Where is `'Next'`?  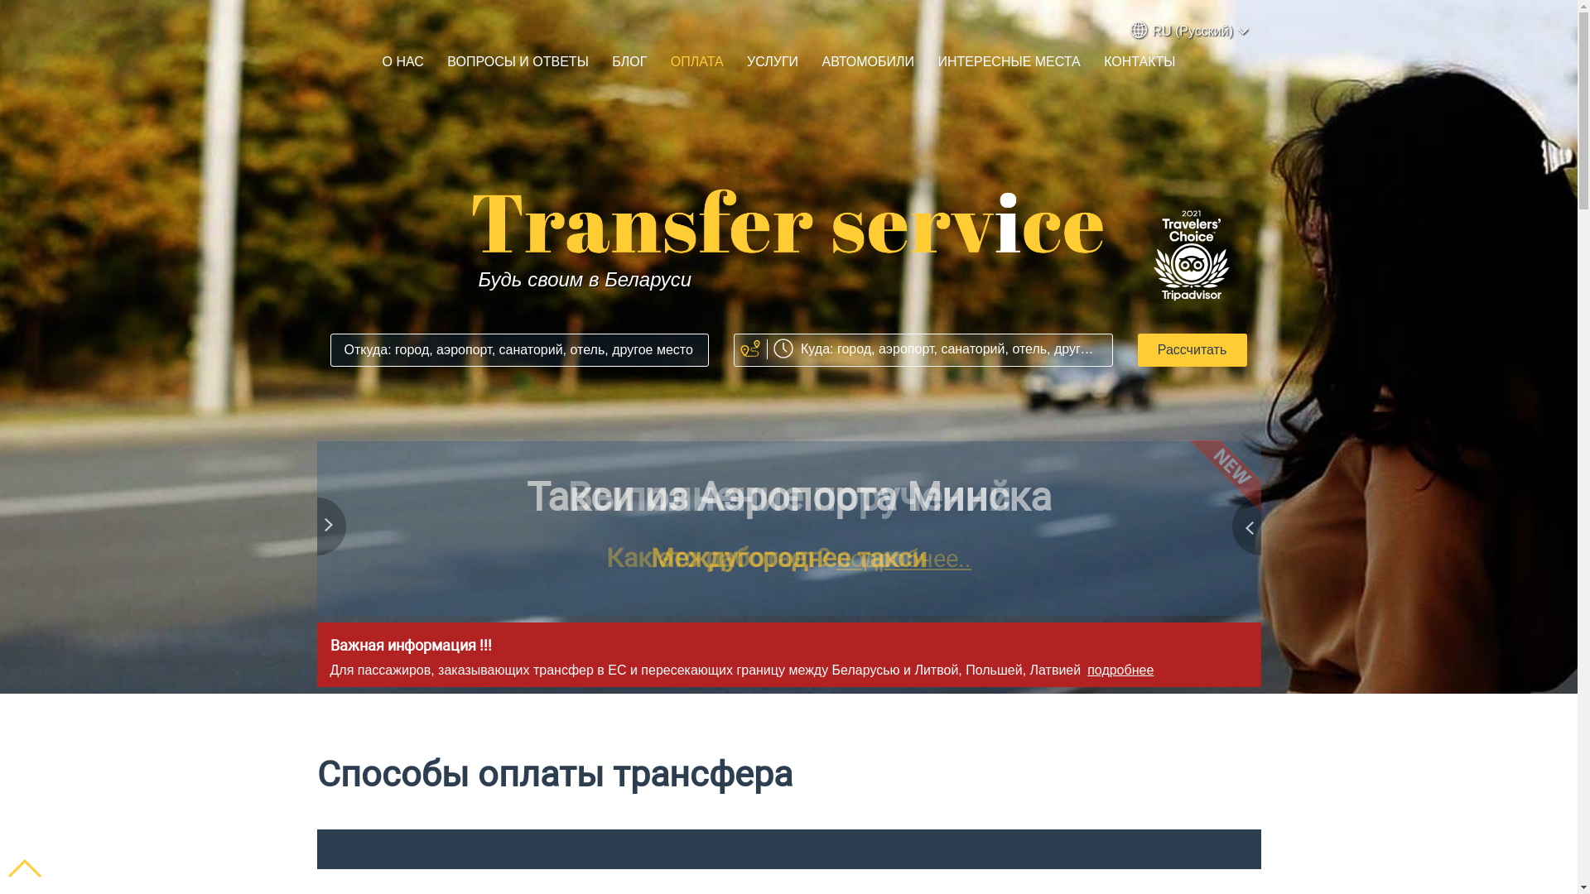 'Next' is located at coordinates (1244, 530).